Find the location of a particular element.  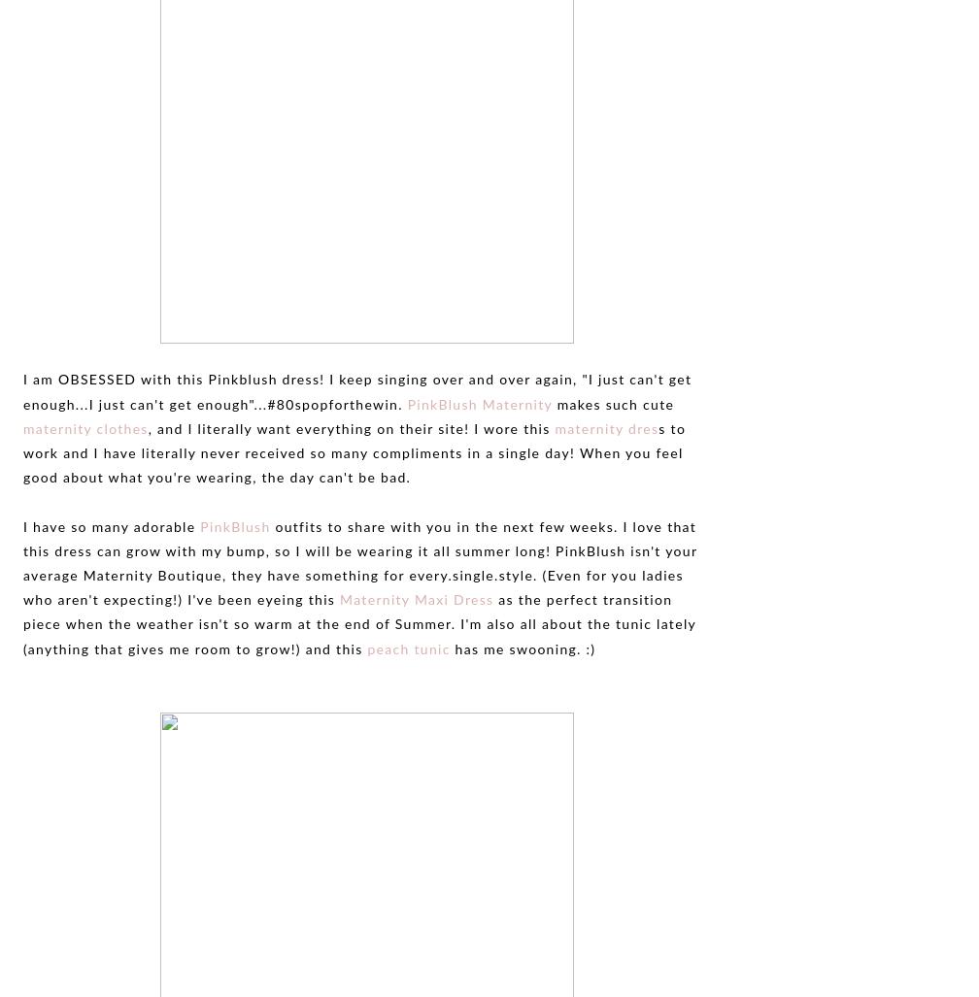

'outfits to share with you in the next few weeks. I love that this dress can grow with my bump, so I will be wearing it all summer long! PinkBlush isn't your average Maternity Boutique, they have something for every.single.style. (Even for you ladies who aren't expecting!) I've been eyeing this' is located at coordinates (22, 563).